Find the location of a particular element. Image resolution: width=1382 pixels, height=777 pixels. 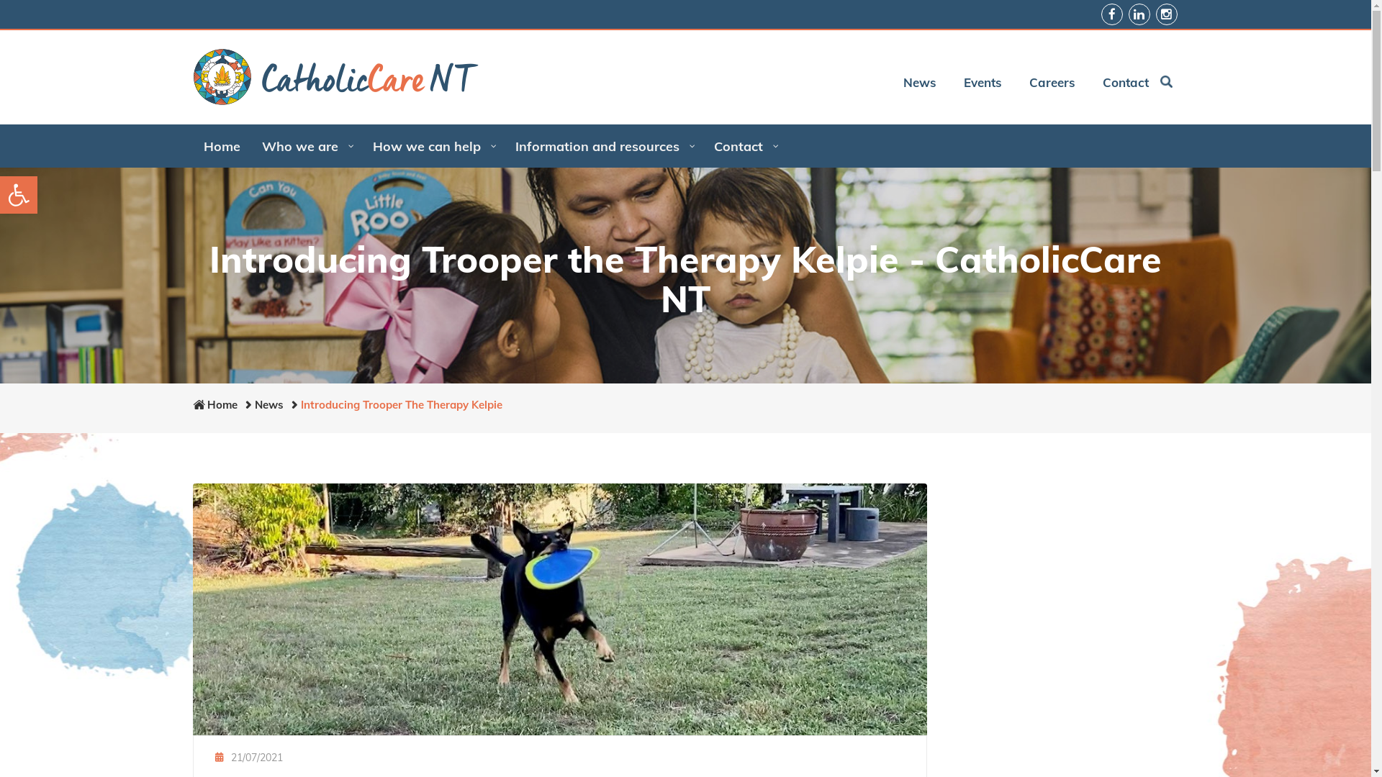

'How we can help' is located at coordinates (431, 146).